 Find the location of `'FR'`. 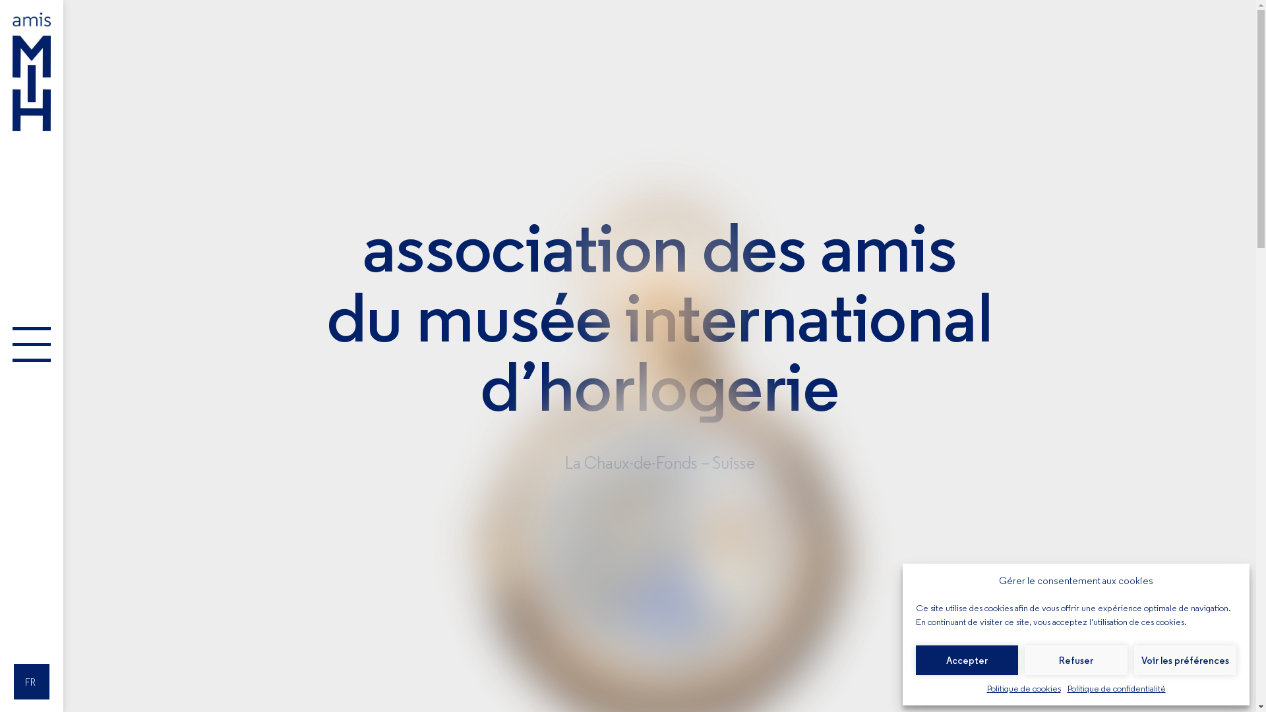

'FR' is located at coordinates (13, 681).